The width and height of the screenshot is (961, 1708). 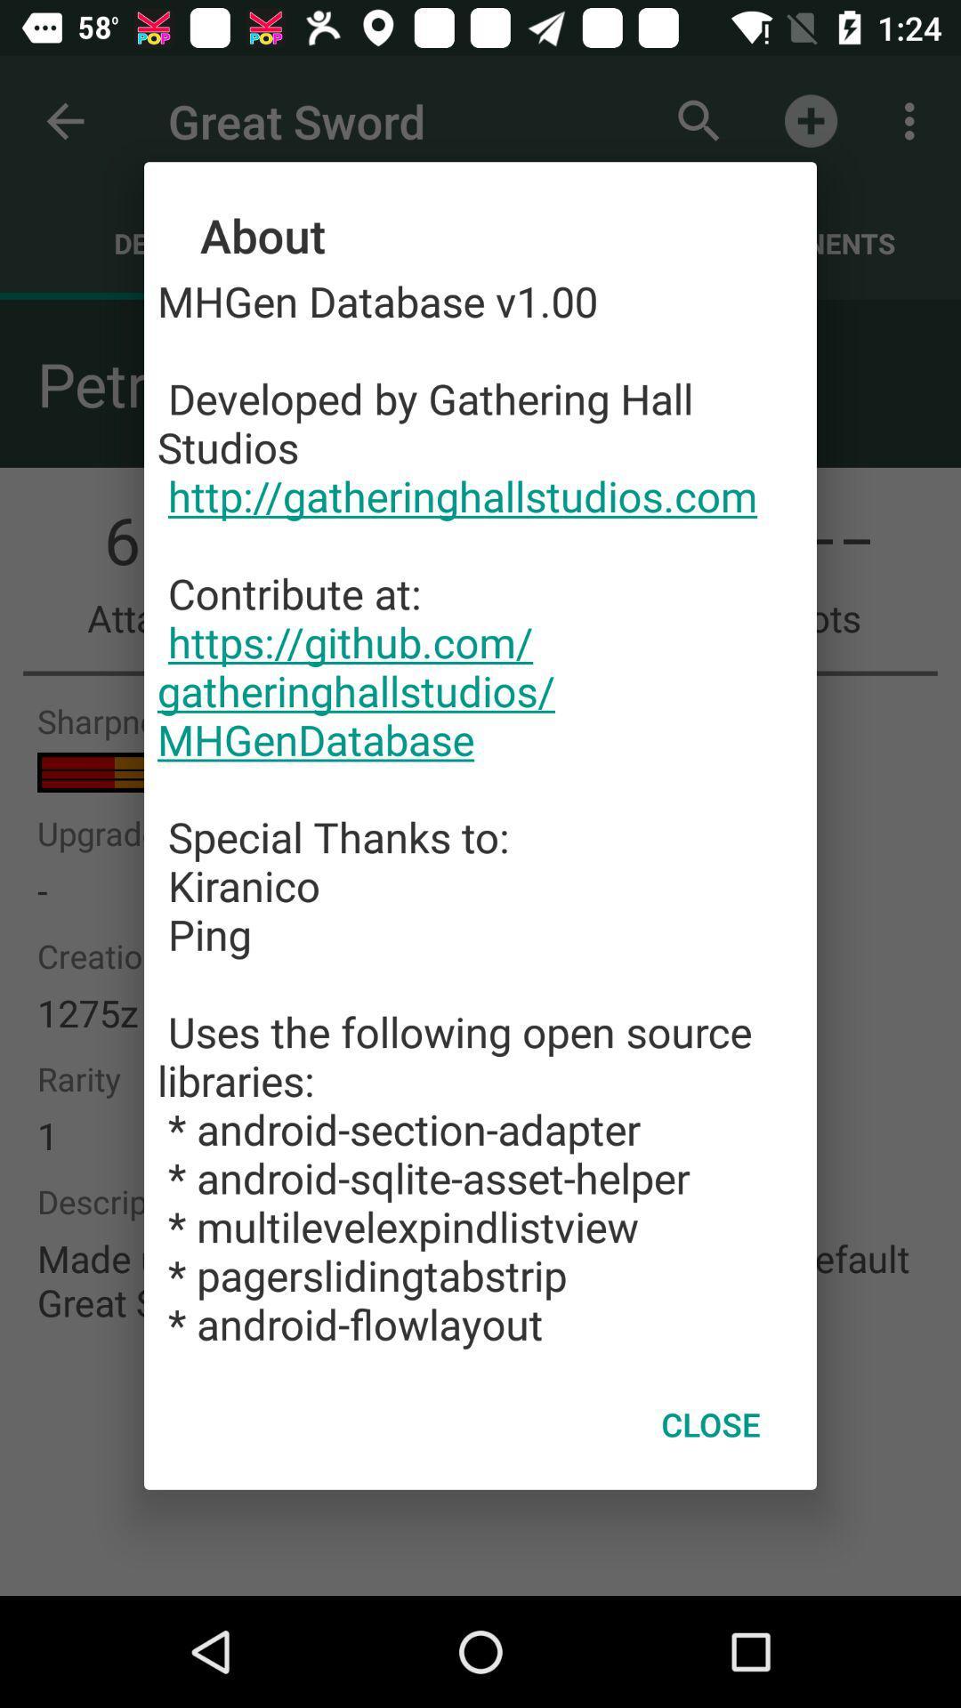 I want to click on the close icon, so click(x=710, y=1424).